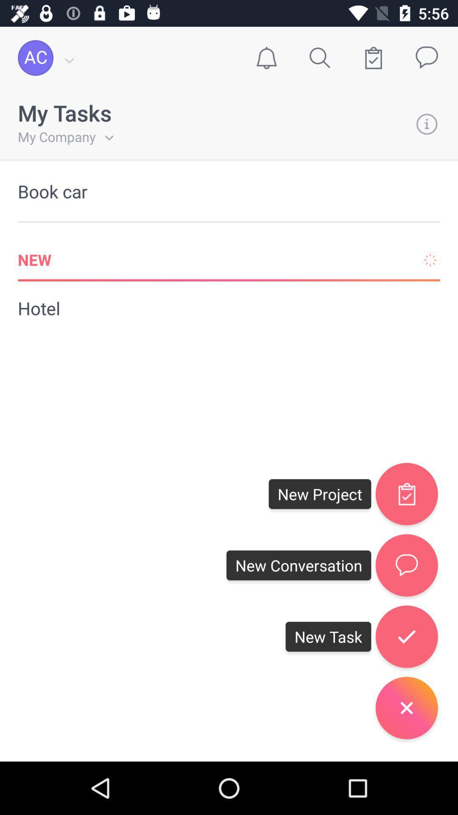 The width and height of the screenshot is (458, 815). Describe the element at coordinates (406, 708) in the screenshot. I see `the close icon` at that location.